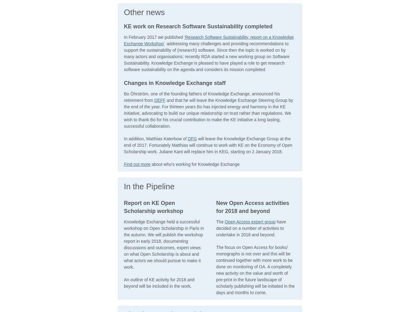  What do you see at coordinates (160, 100) in the screenshot?
I see `'DEFF'` at bounding box center [160, 100].